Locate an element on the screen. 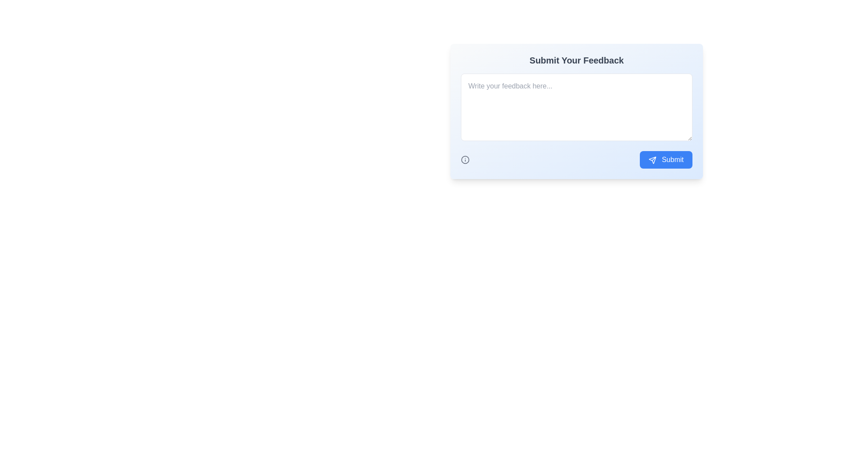 The image size is (842, 473). the 'Submit' button with a bright blue background and white text is located at coordinates (666, 160).